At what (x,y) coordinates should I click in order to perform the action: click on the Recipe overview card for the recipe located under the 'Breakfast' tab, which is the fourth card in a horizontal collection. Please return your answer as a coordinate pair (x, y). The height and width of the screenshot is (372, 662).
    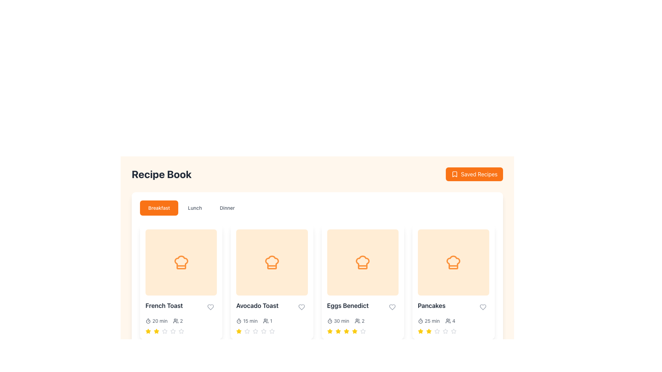
    Looking at the image, I should click on (453, 281).